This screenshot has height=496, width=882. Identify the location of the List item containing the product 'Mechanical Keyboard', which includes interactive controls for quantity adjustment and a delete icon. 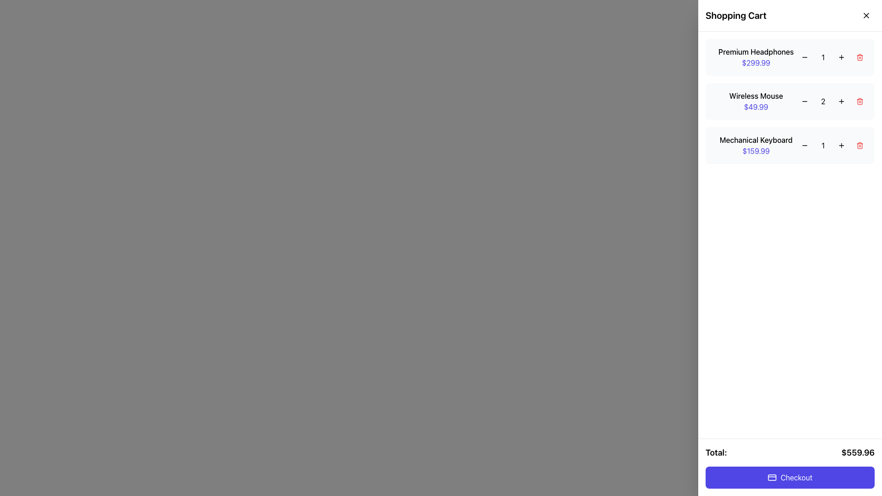
(789, 145).